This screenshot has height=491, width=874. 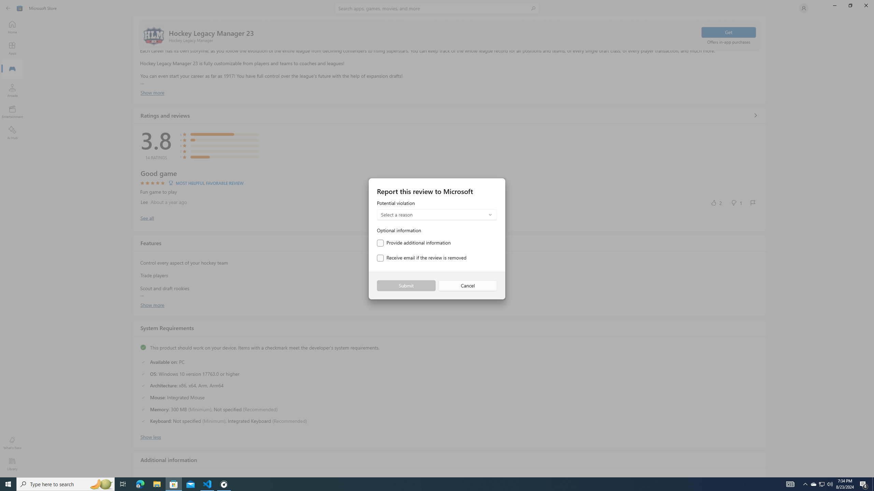 I want to click on 'Show less', so click(x=150, y=436).